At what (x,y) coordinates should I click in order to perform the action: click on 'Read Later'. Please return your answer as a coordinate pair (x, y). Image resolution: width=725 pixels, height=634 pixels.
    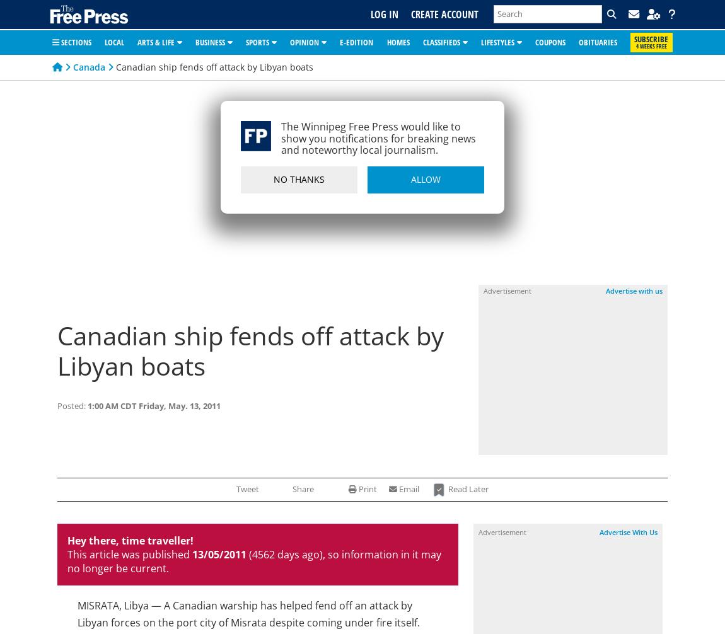
    Looking at the image, I should click on (467, 488).